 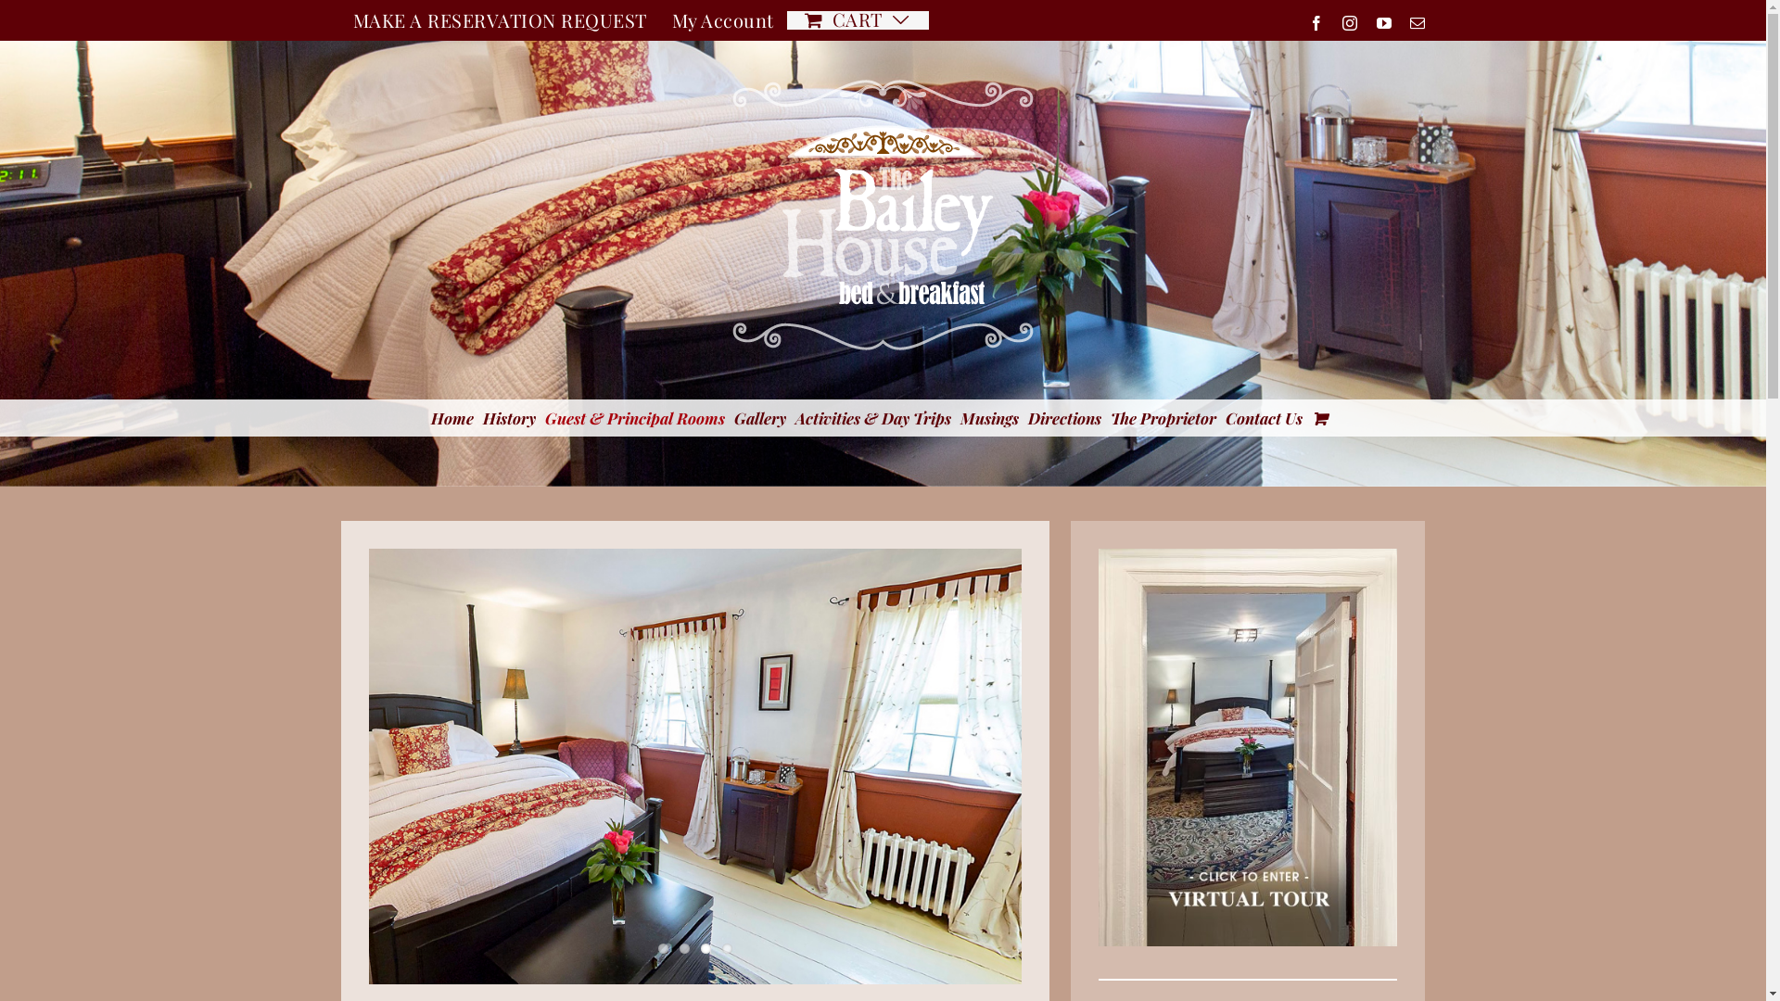 What do you see at coordinates (451, 418) in the screenshot?
I see `'Home'` at bounding box center [451, 418].